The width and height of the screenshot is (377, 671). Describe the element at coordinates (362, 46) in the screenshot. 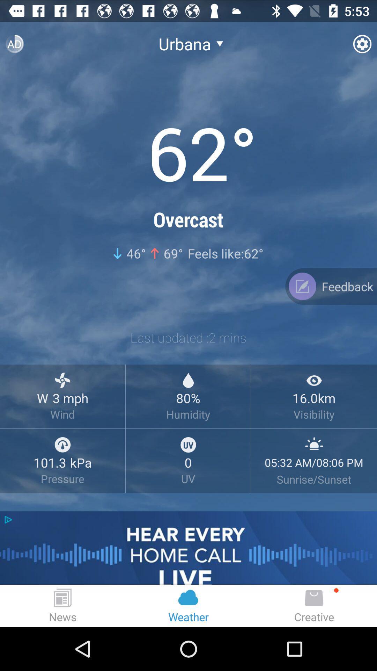

I see `the settings icon` at that location.